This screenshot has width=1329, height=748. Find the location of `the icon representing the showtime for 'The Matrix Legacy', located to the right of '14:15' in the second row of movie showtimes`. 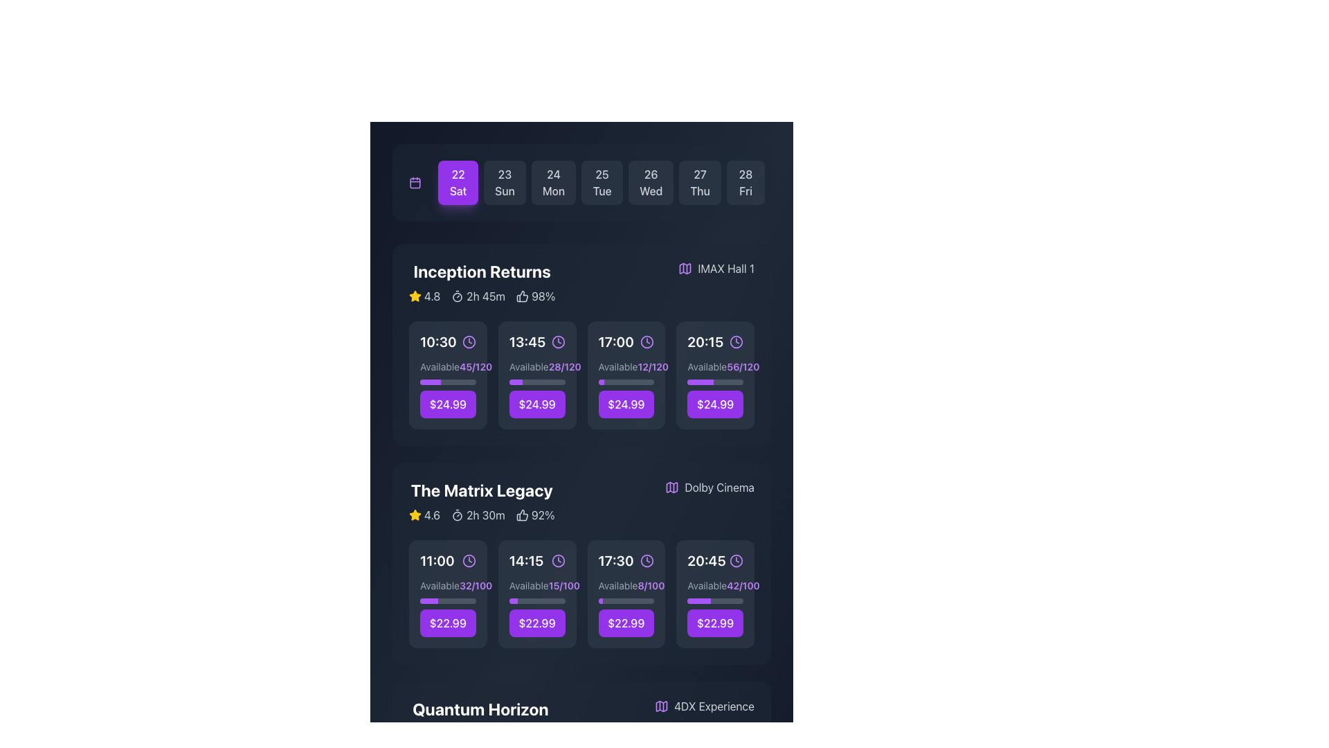

the icon representing the showtime for 'The Matrix Legacy', located to the right of '14:15' in the second row of movie showtimes is located at coordinates (558, 561).